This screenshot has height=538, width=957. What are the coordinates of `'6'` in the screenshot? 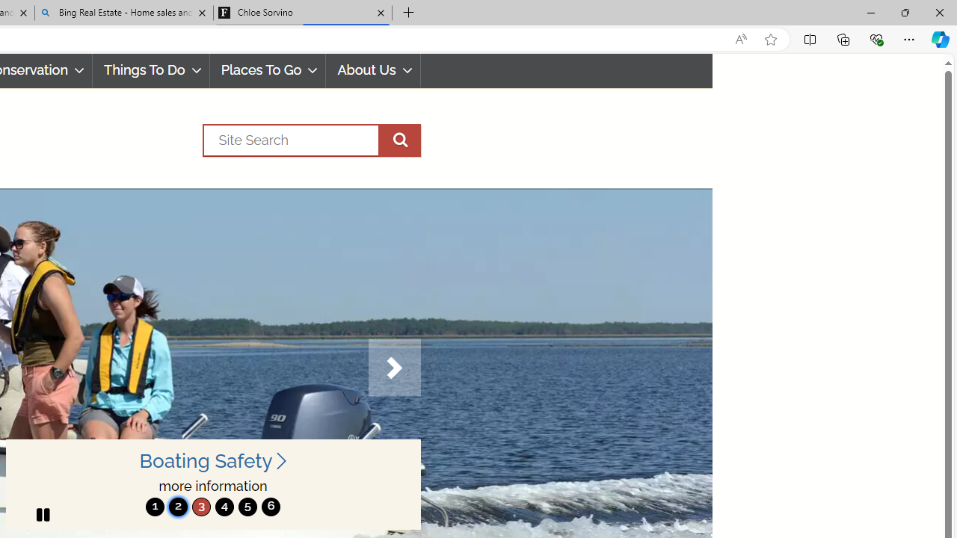 It's located at (271, 506).